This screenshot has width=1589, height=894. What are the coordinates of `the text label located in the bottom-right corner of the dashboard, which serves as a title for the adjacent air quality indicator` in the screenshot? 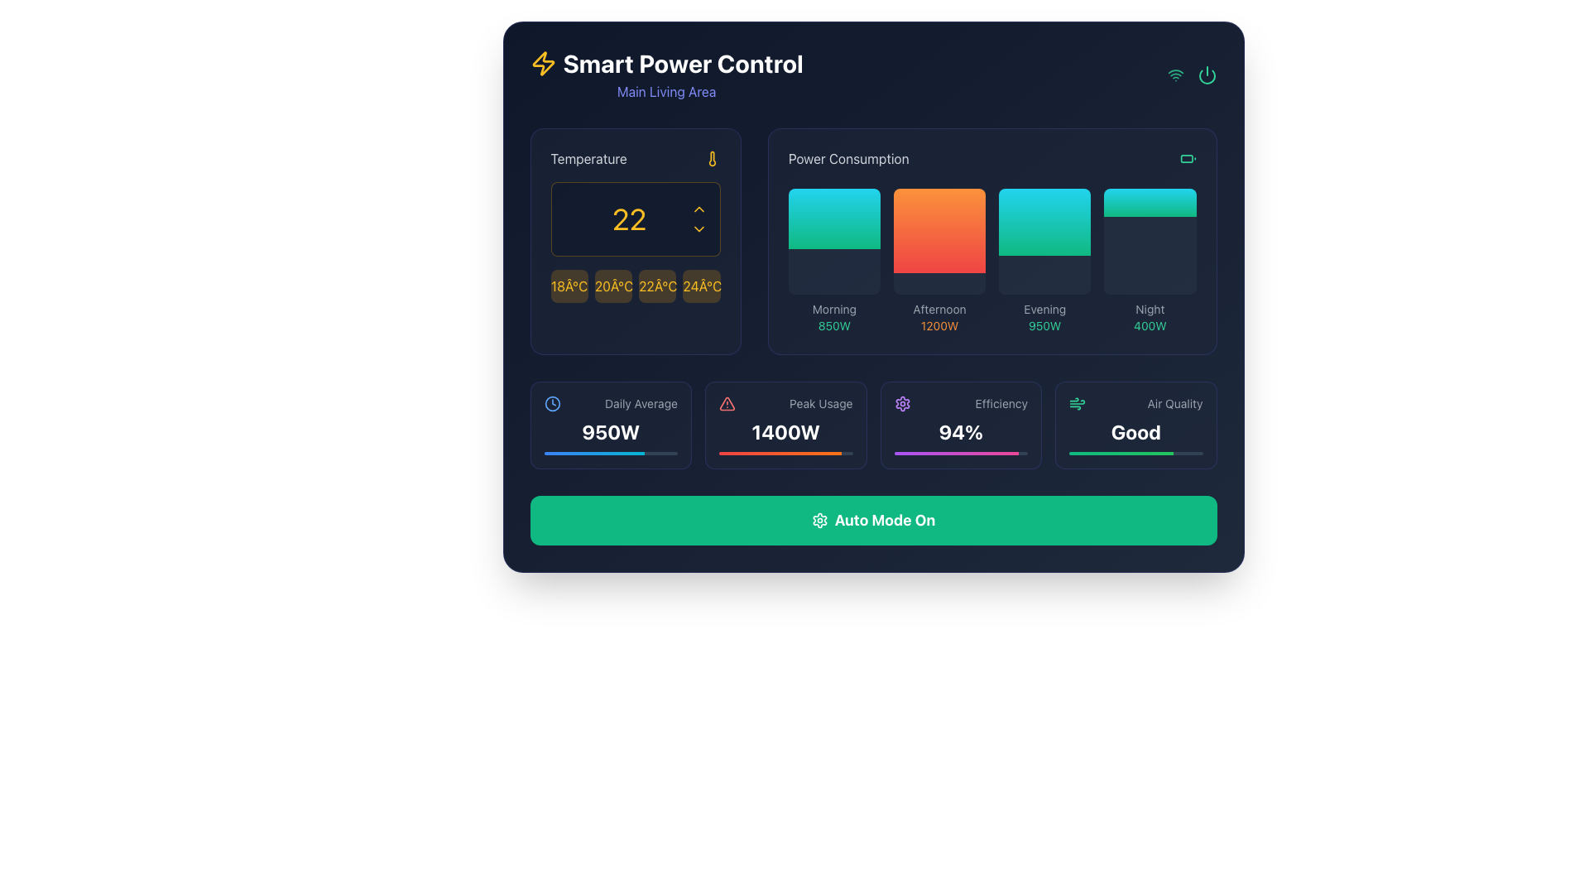 It's located at (1174, 404).